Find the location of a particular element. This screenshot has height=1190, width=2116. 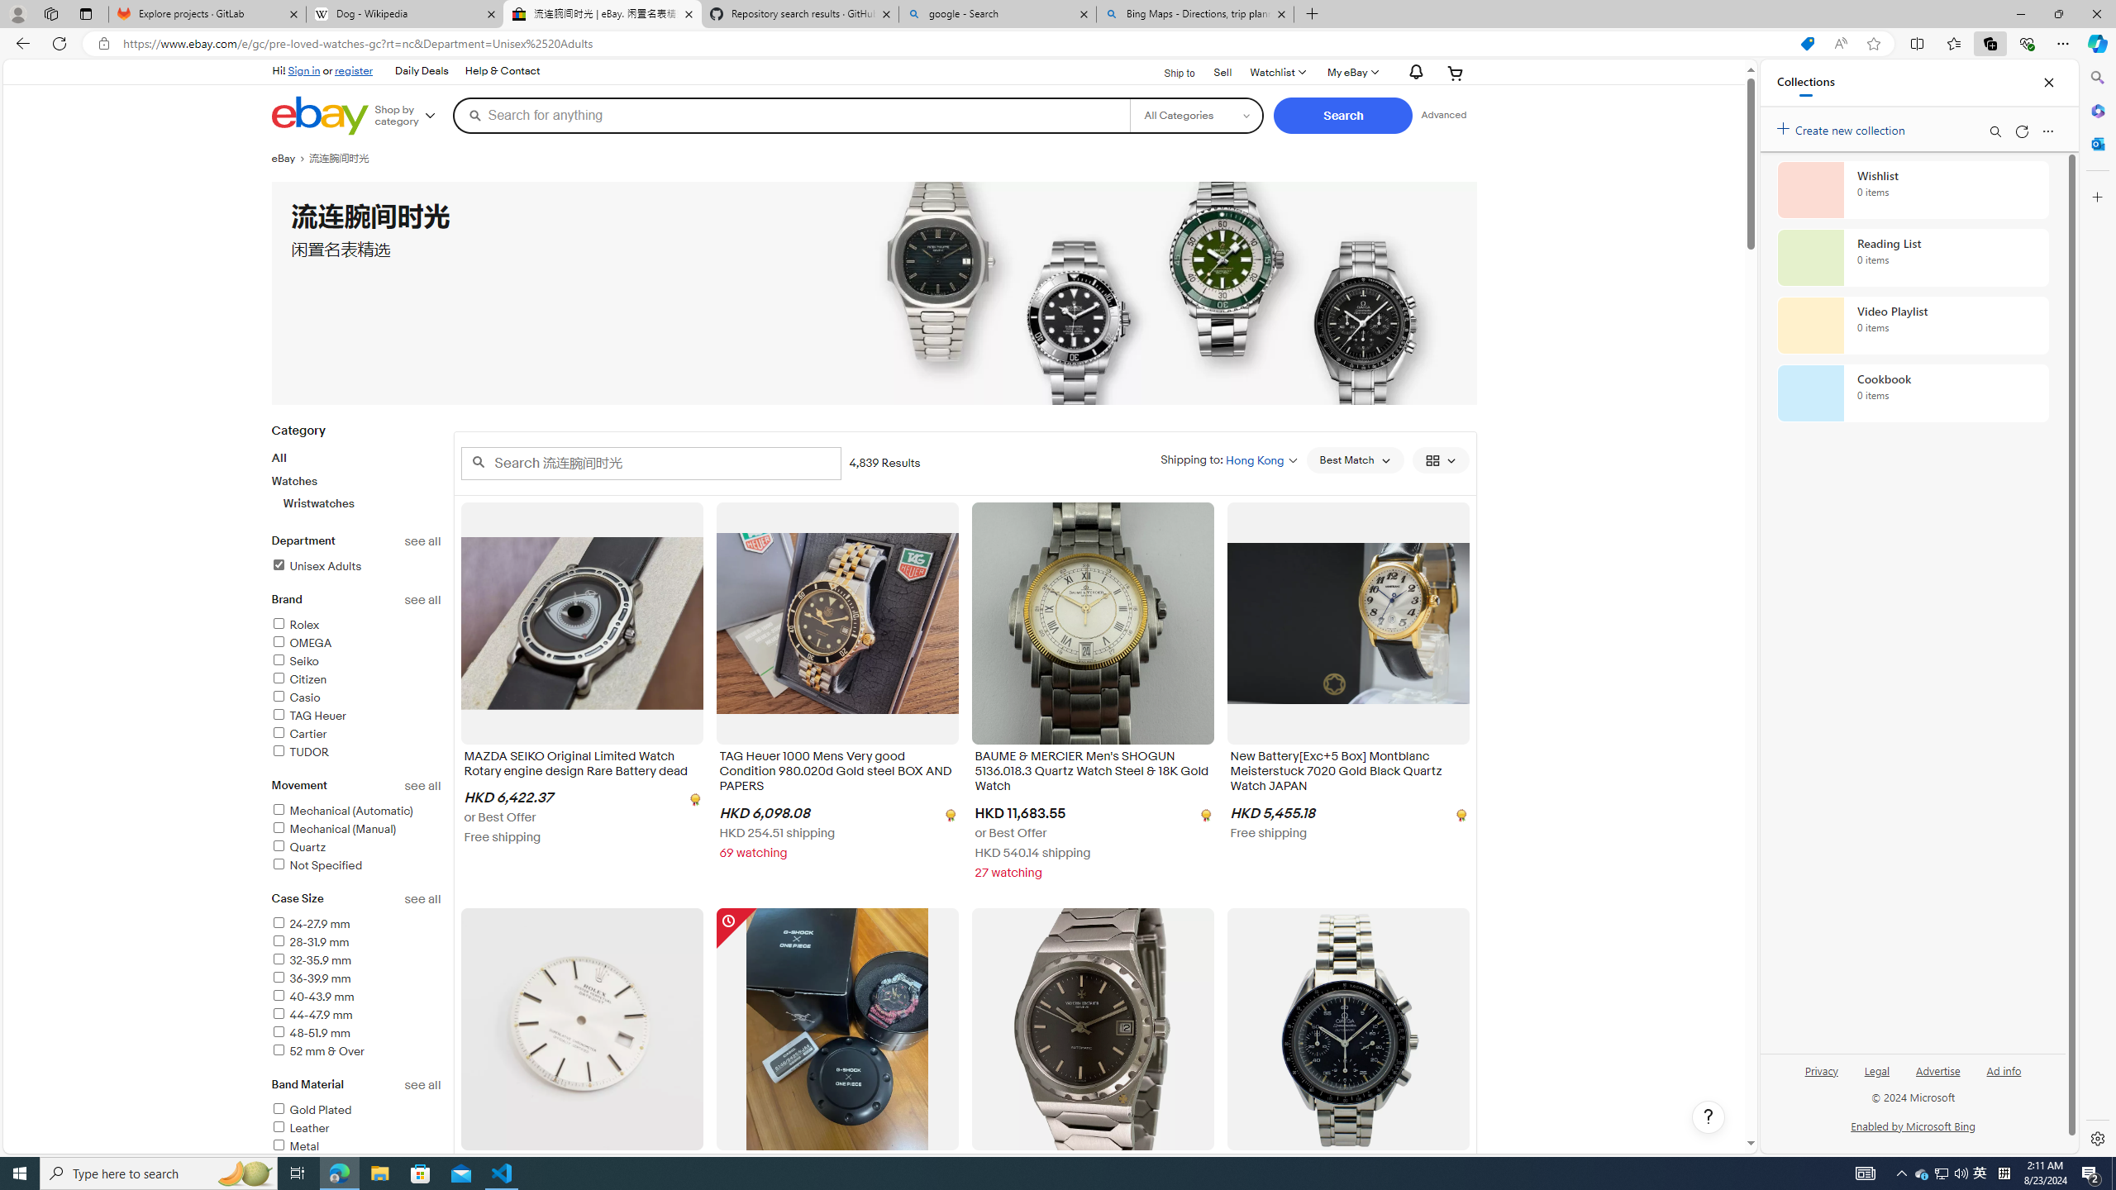

'Help, opens dialogs' is located at coordinates (1708, 1116).